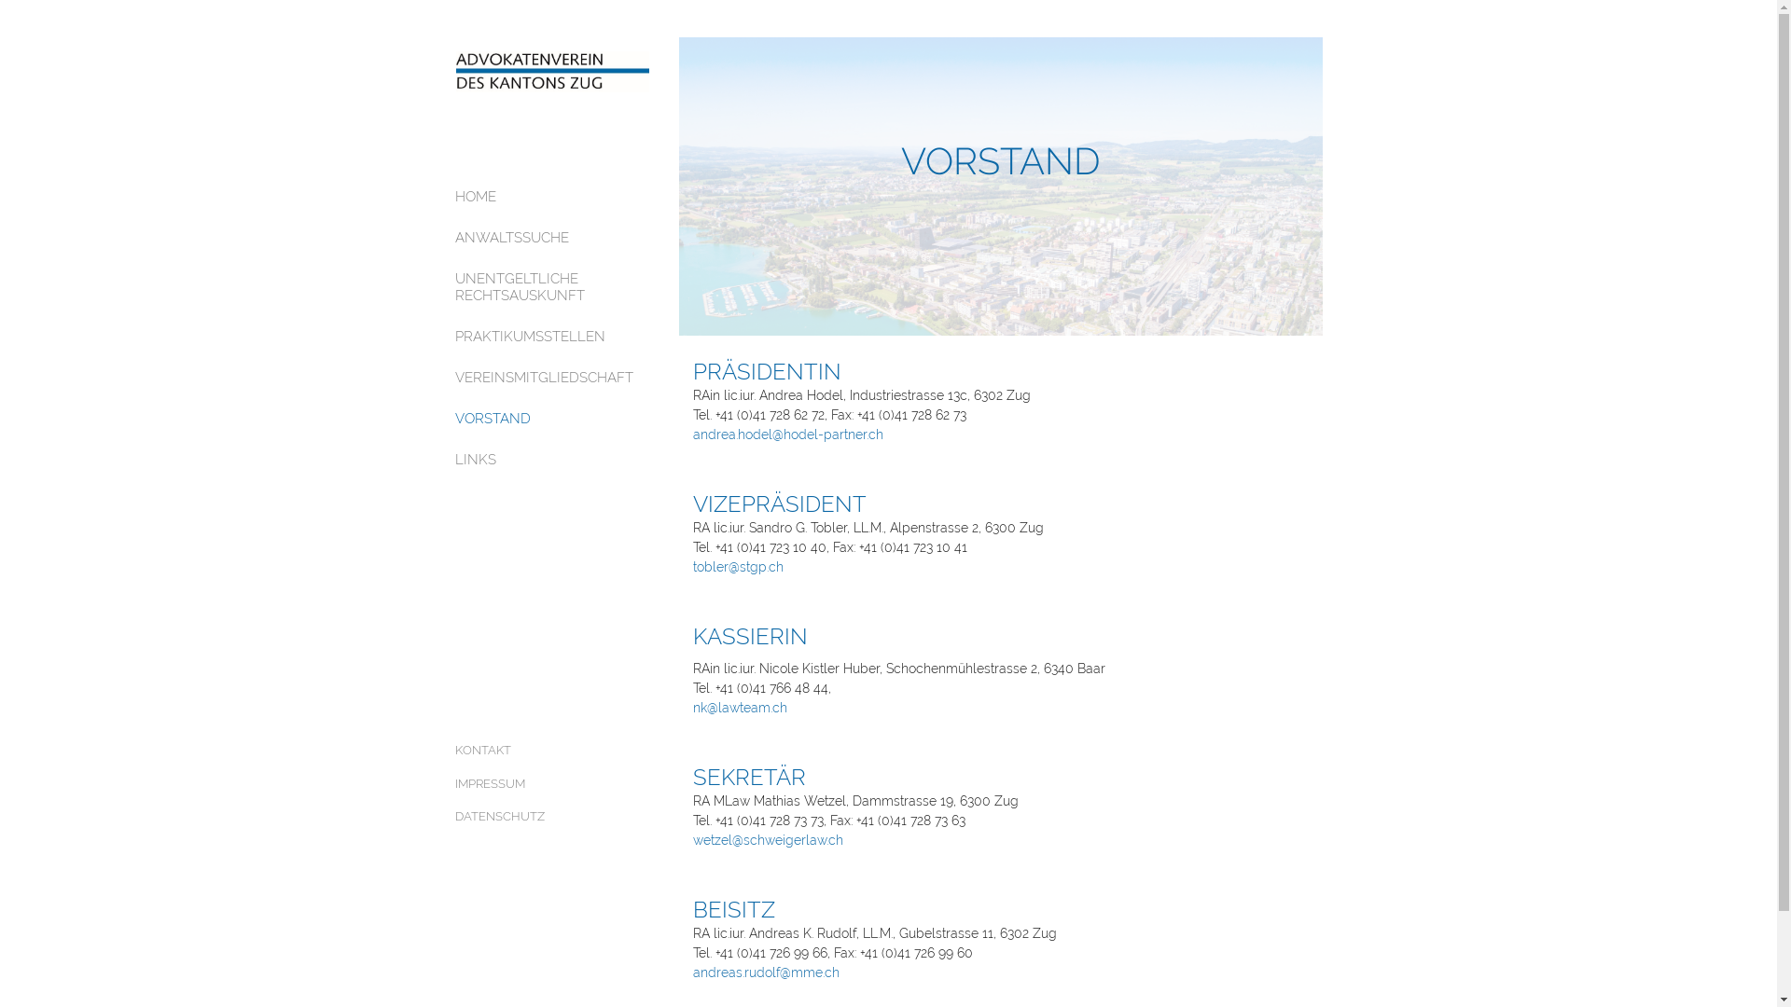 The width and height of the screenshot is (1791, 1007). What do you see at coordinates (552, 815) in the screenshot?
I see `'DATENSCHUTZ'` at bounding box center [552, 815].